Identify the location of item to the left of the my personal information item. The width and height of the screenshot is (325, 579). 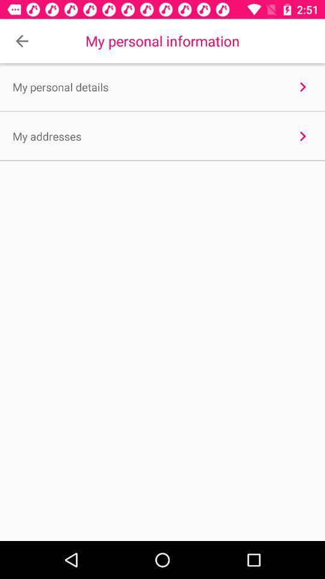
(22, 41).